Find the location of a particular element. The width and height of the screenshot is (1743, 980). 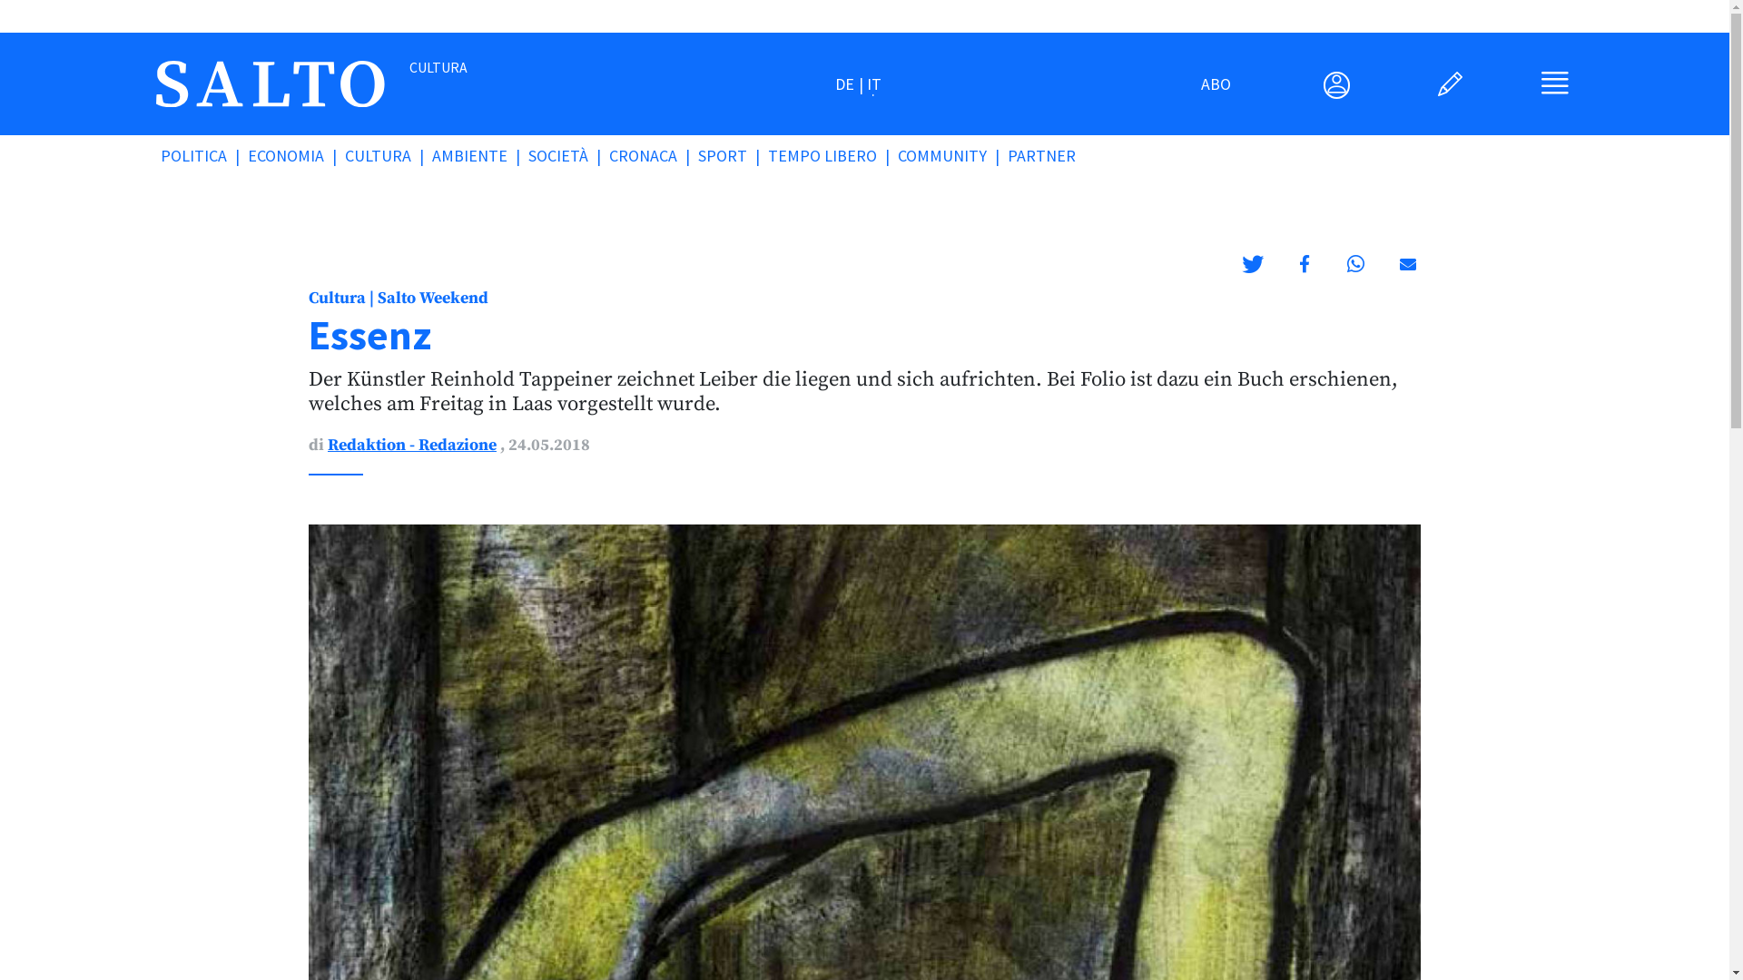

'User Menu' is located at coordinates (1324, 86).